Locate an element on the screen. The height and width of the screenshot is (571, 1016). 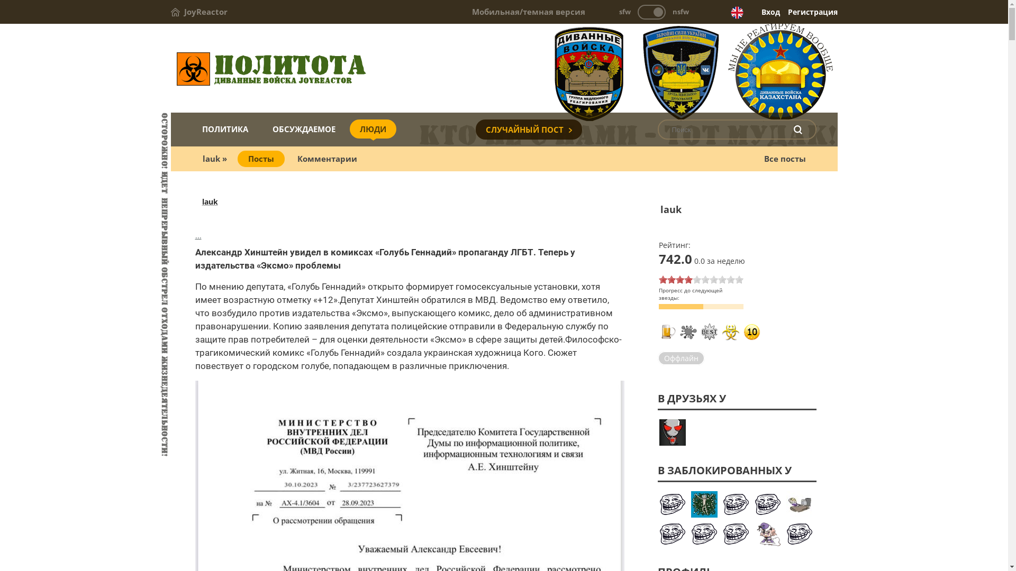
'Mapper' is located at coordinates (736, 503).